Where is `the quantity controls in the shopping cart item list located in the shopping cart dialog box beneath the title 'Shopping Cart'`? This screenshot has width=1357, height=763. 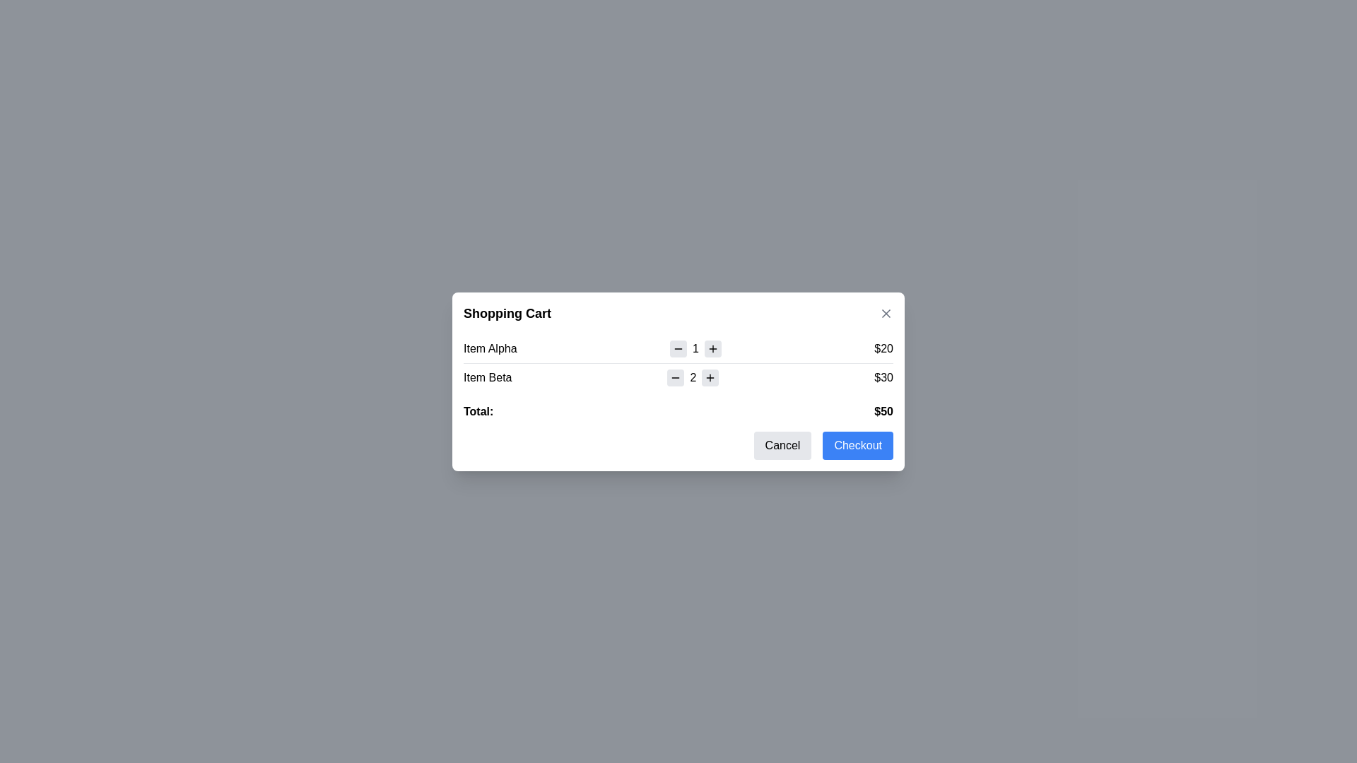 the quantity controls in the shopping cart item list located in the shopping cart dialog box beneath the title 'Shopping Cart' is located at coordinates (678, 362).